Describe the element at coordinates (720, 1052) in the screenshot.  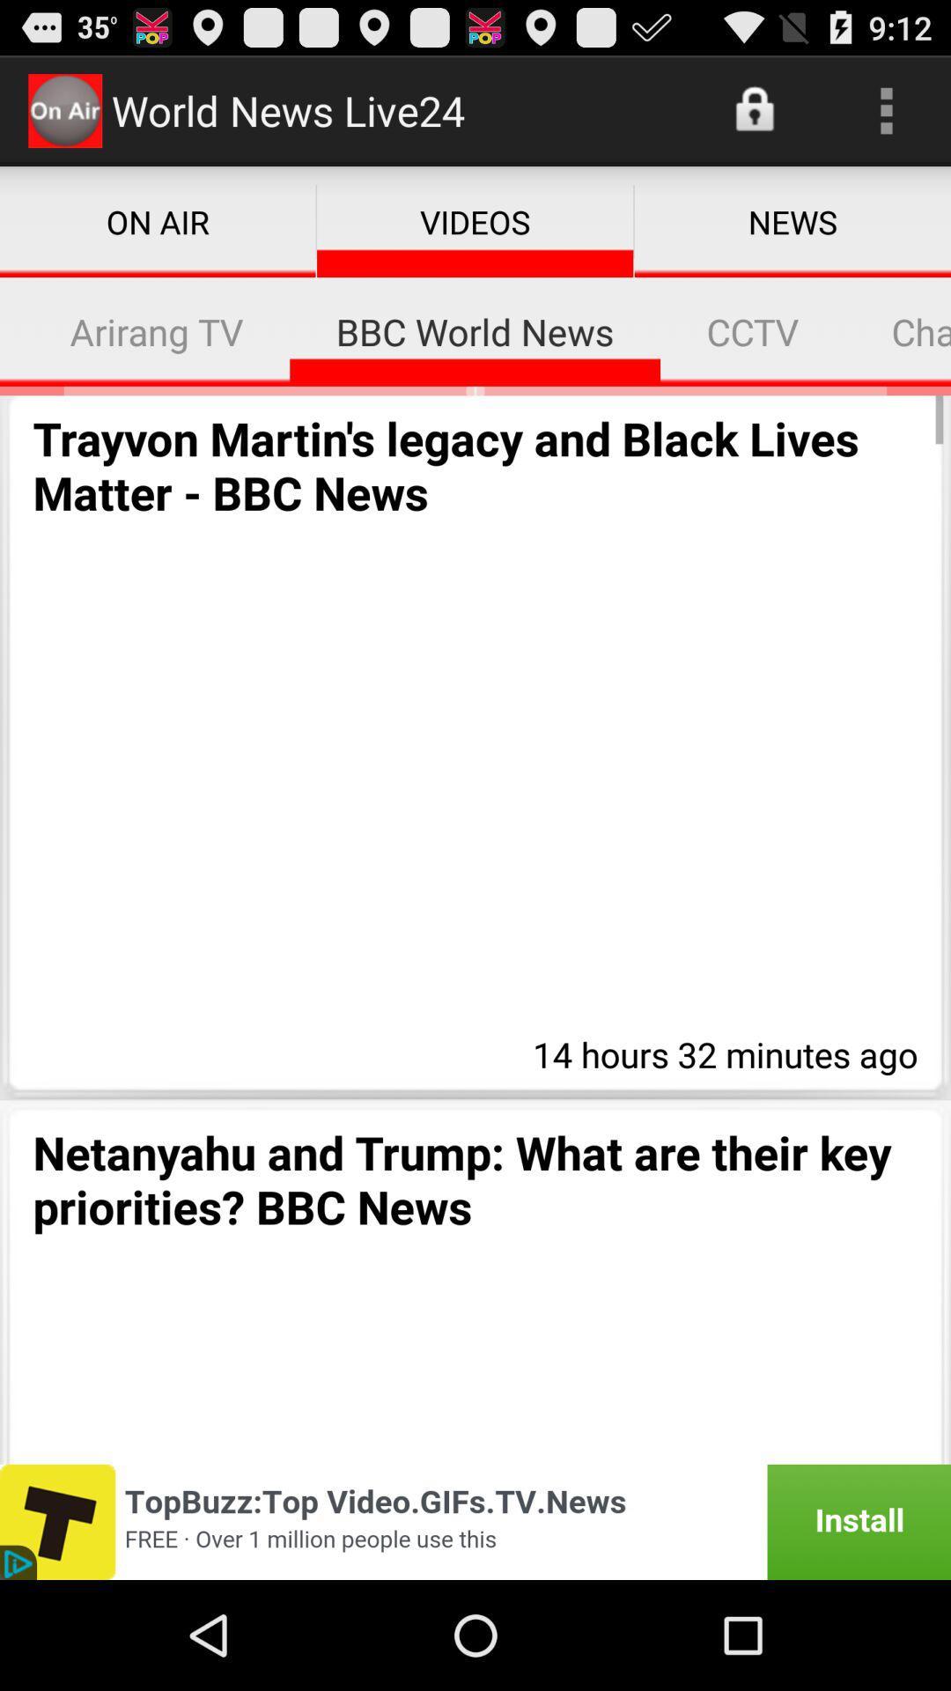
I see `the 14 hours 32 item` at that location.